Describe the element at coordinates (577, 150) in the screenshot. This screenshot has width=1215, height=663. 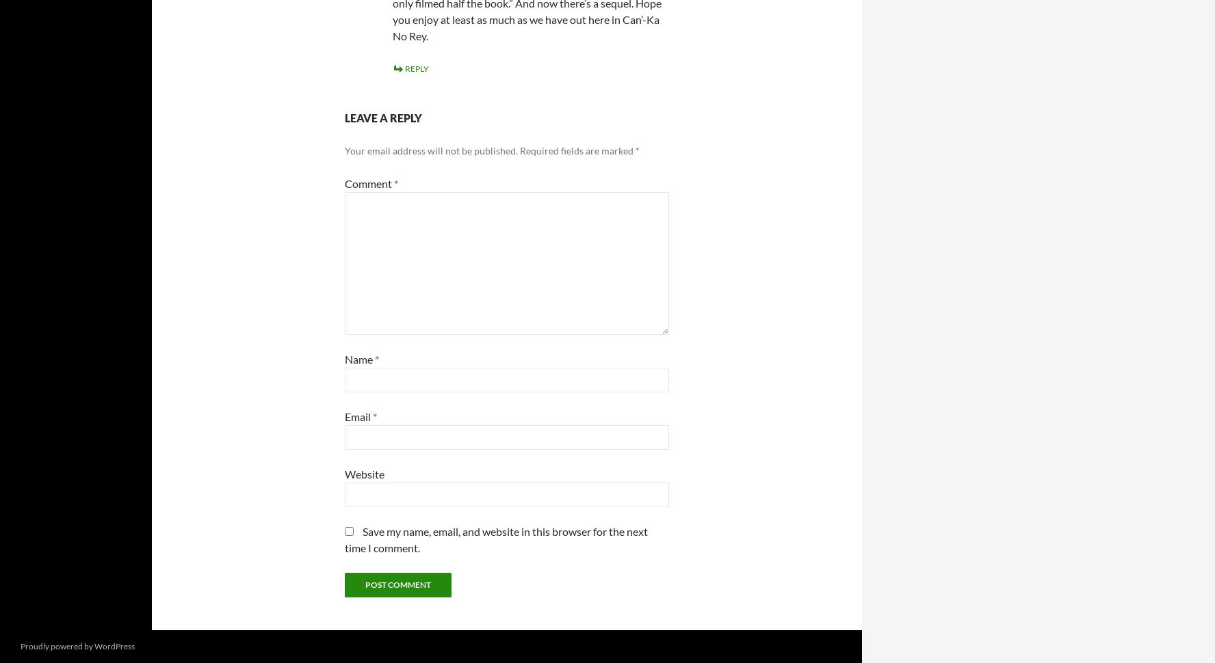
I see `'Required fields are marked'` at that location.